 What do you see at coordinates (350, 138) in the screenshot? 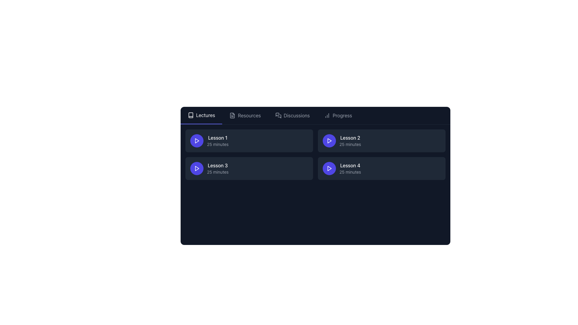
I see `the Text label that identifies 'Lesson 2' in the top-right section of the lesson grid` at bounding box center [350, 138].